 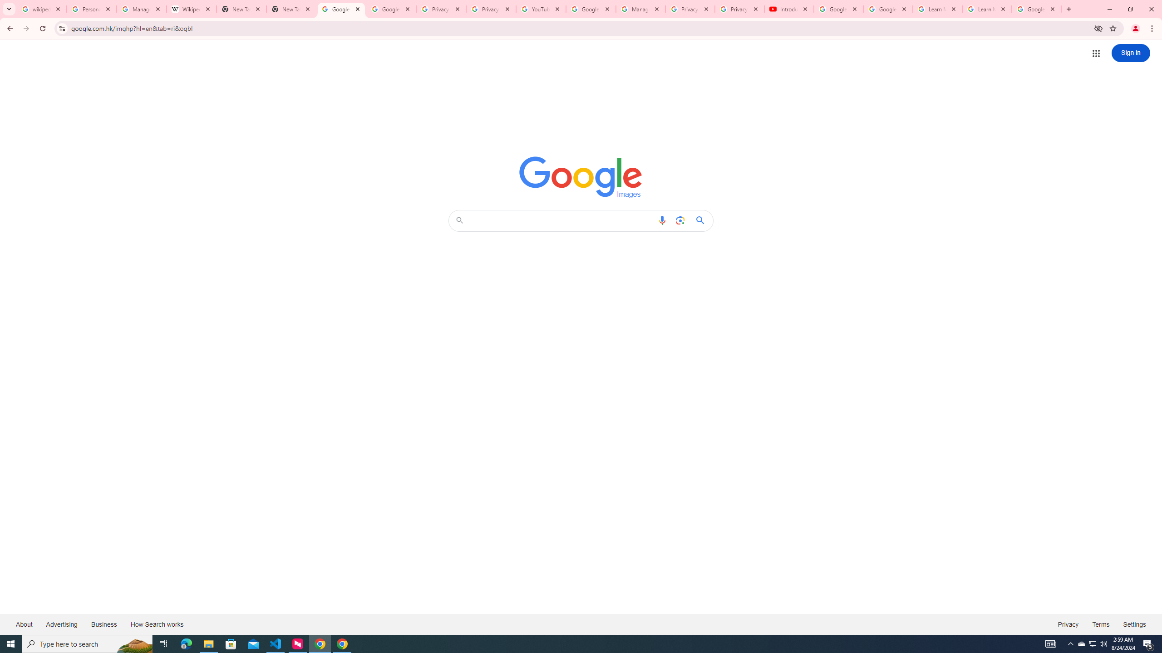 I want to click on 'Google Drive: Sign-in', so click(x=391, y=9).